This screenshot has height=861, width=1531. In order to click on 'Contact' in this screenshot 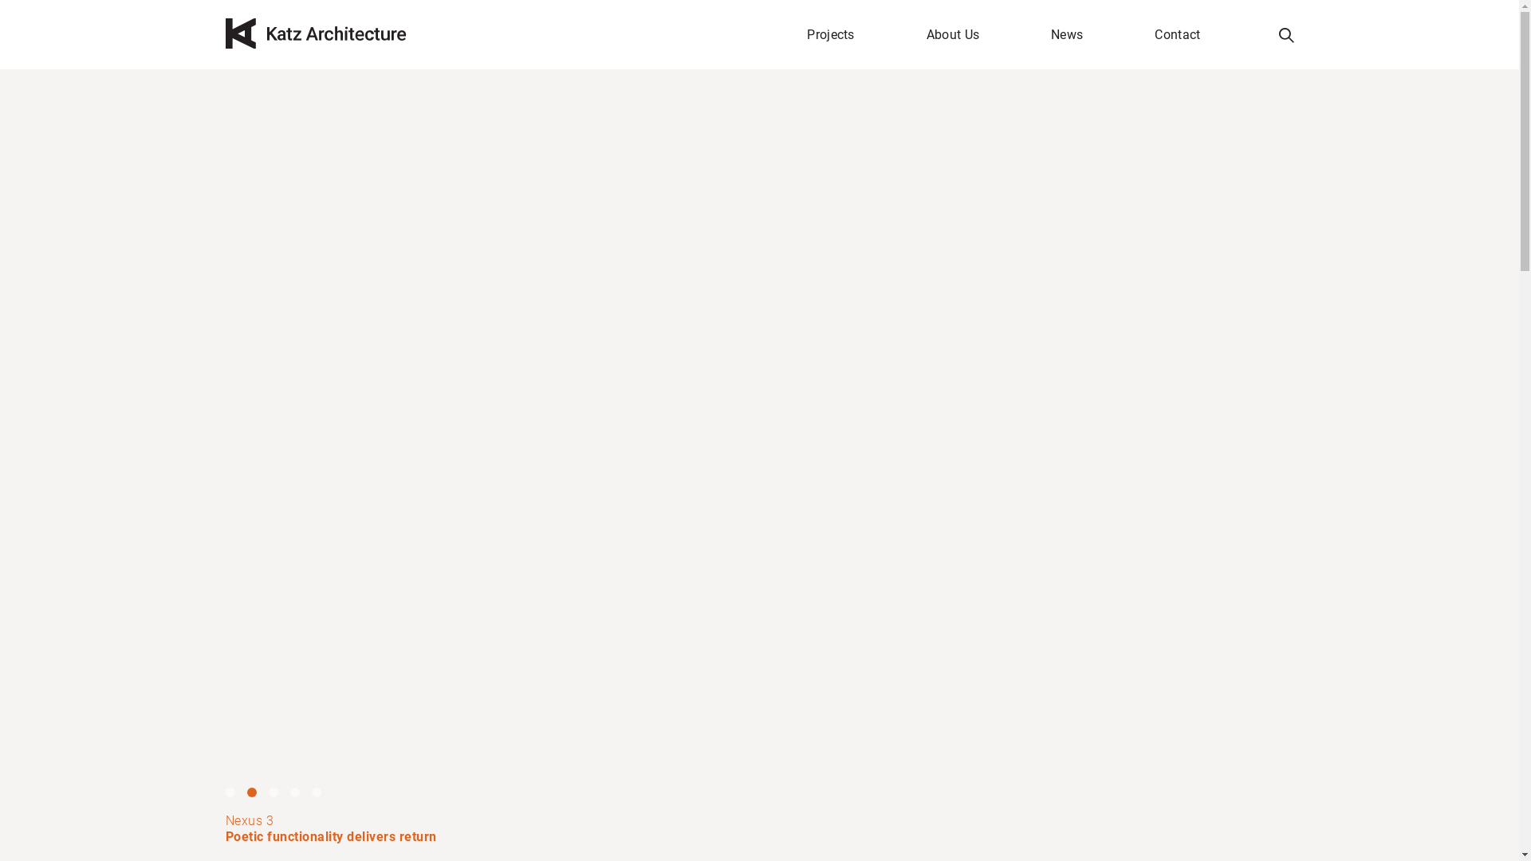, I will do `click(1177, 34)`.